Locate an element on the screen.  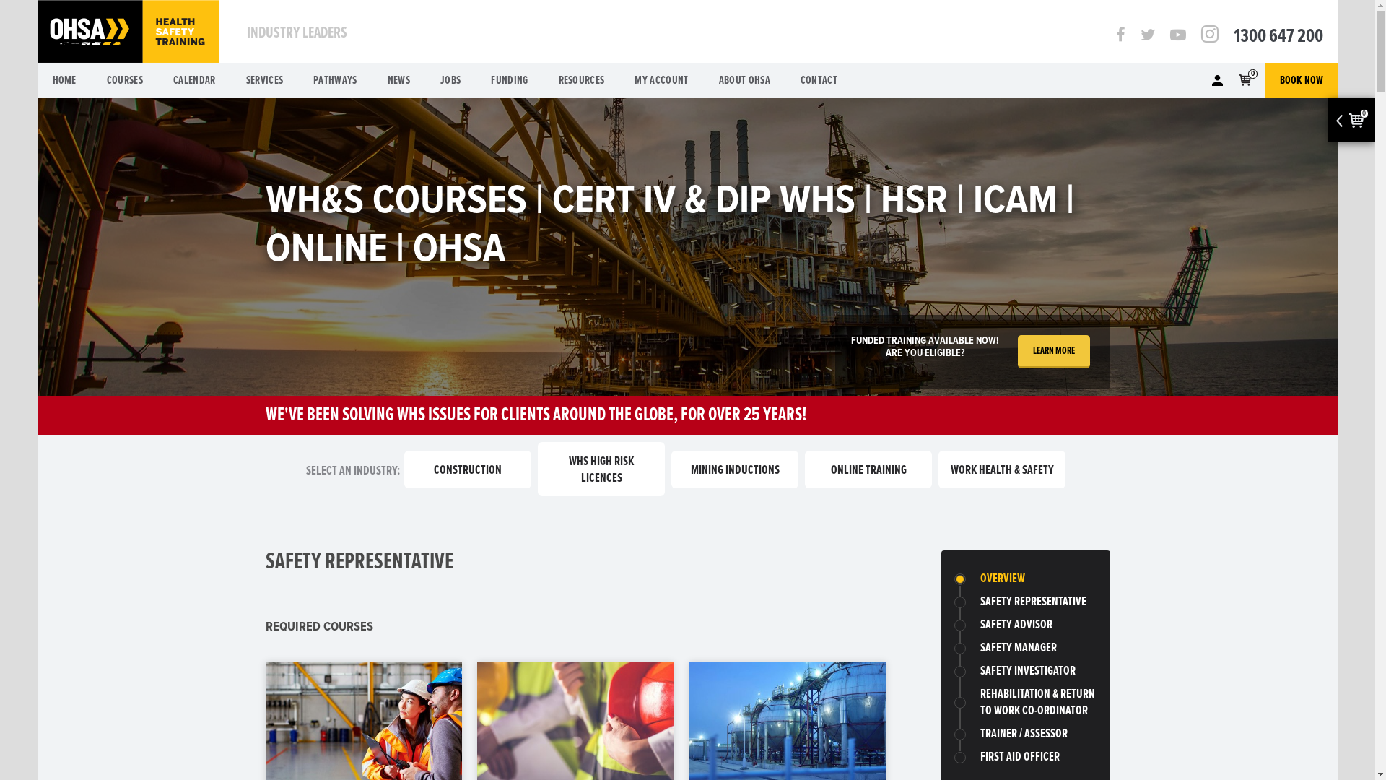
'OHSA' is located at coordinates (128, 31).